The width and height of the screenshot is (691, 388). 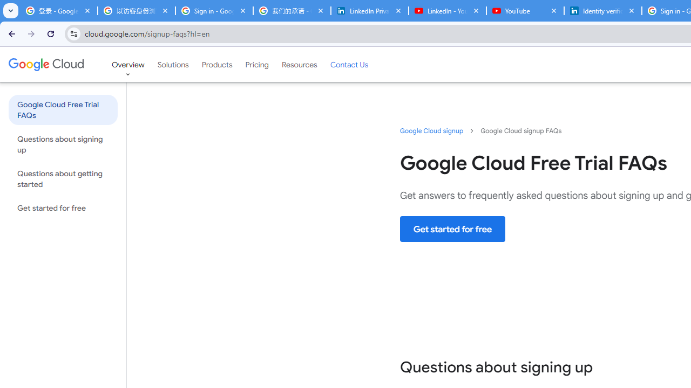 I want to click on 'Questions about getting started', so click(x=62, y=178).